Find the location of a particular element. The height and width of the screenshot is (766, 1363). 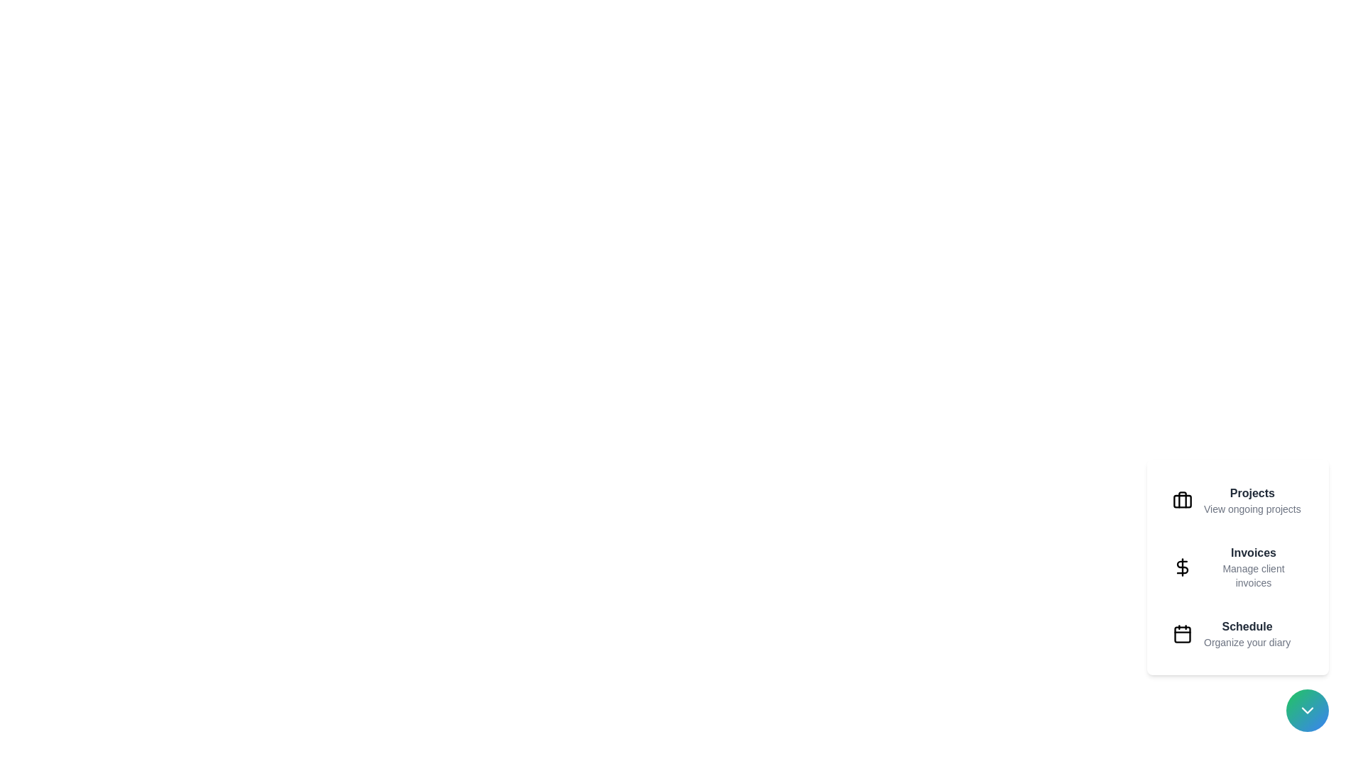

the menu item Schedule to highlight it is located at coordinates (1237, 633).